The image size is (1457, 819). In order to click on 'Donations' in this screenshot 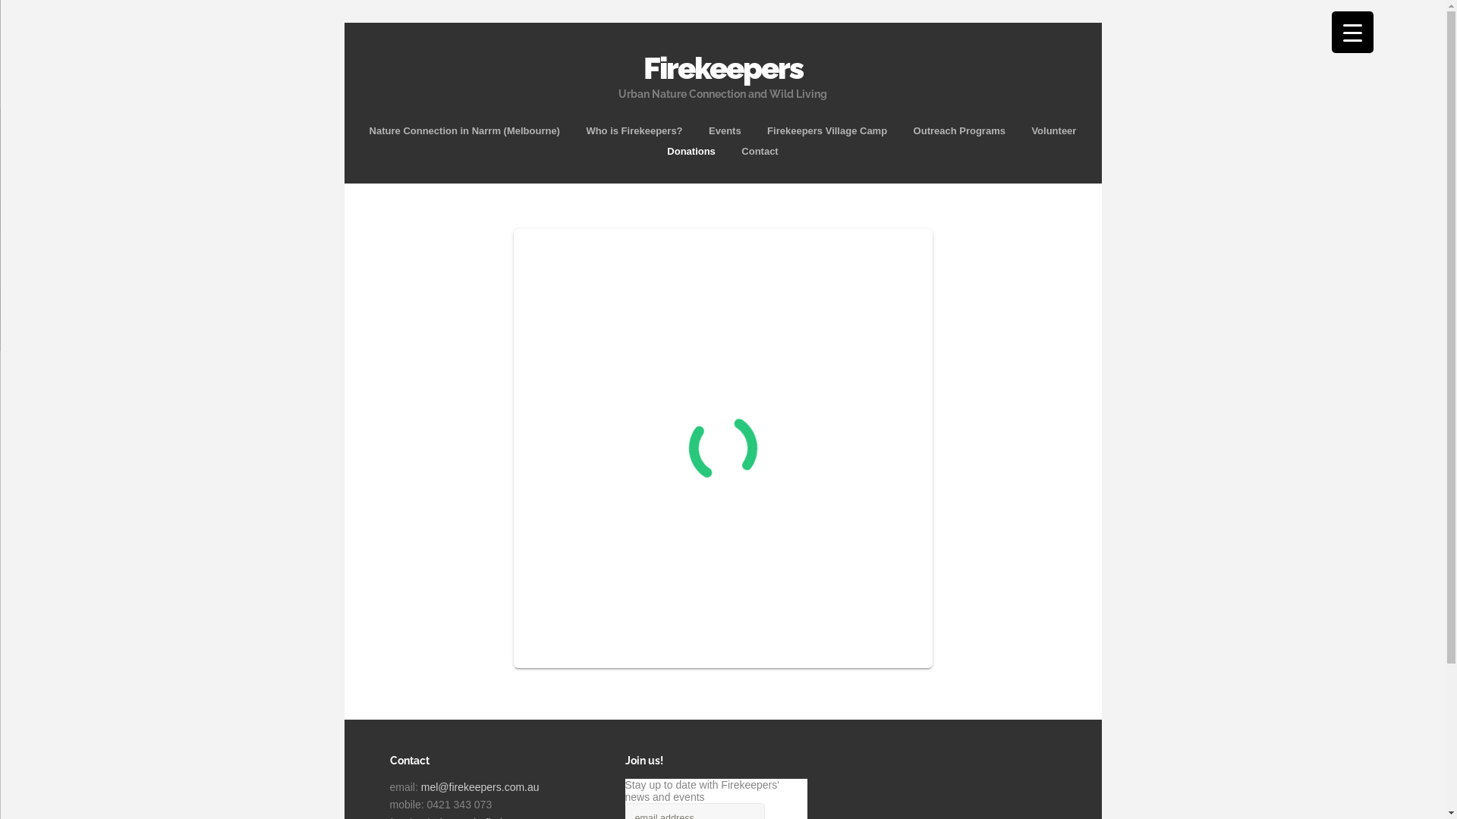, I will do `click(691, 151)`.